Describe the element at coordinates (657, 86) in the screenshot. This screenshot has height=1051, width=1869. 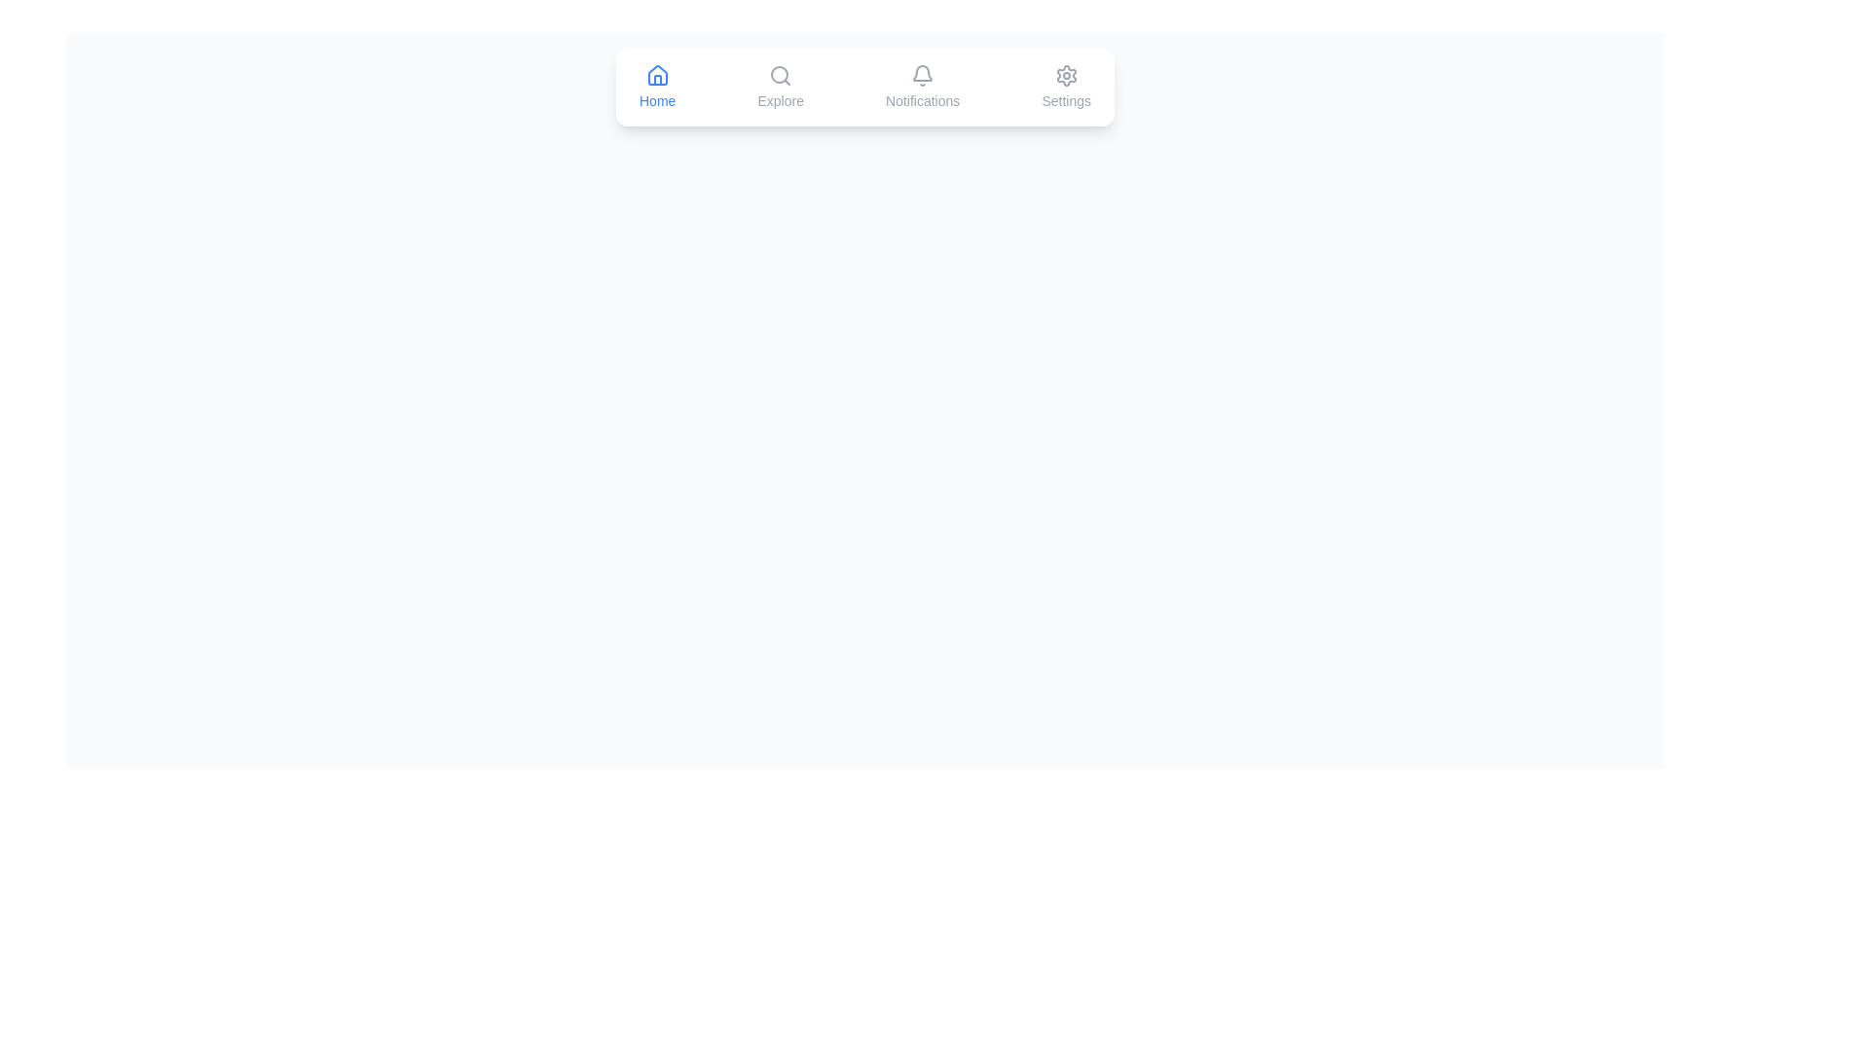
I see `the Home tab to observe its color change` at that location.